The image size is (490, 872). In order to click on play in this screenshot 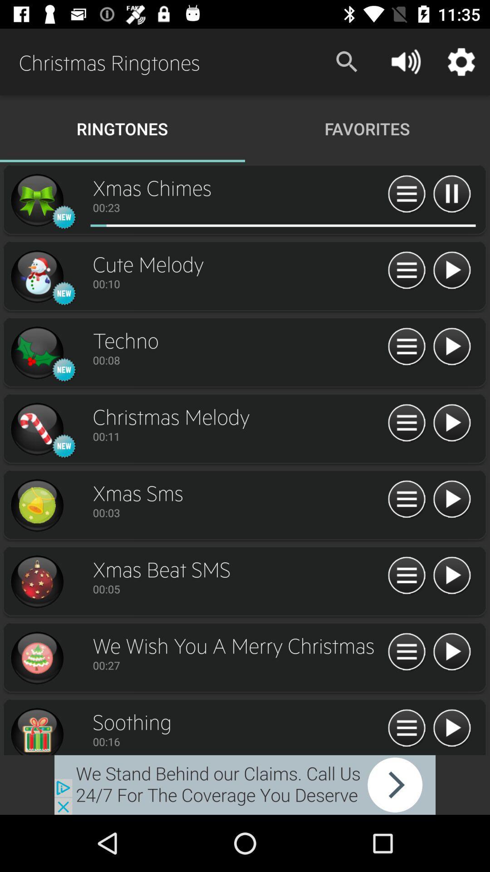, I will do `click(451, 652)`.